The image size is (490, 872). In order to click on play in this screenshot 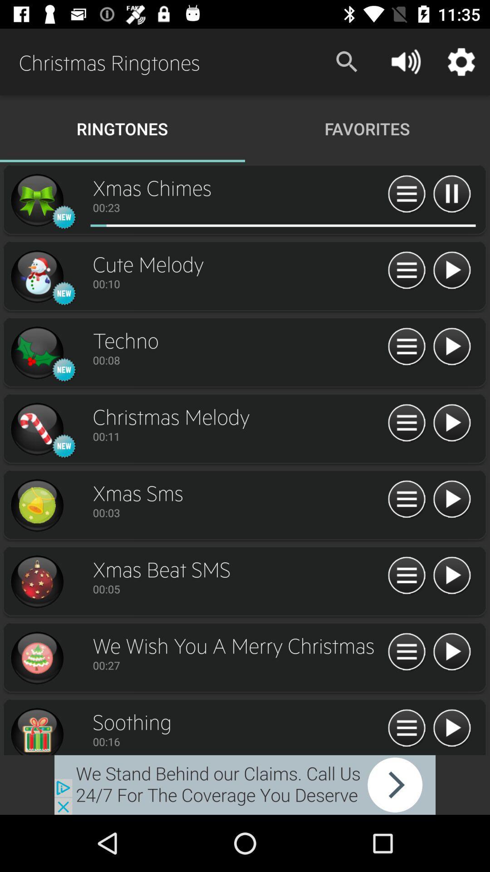, I will do `click(451, 652)`.